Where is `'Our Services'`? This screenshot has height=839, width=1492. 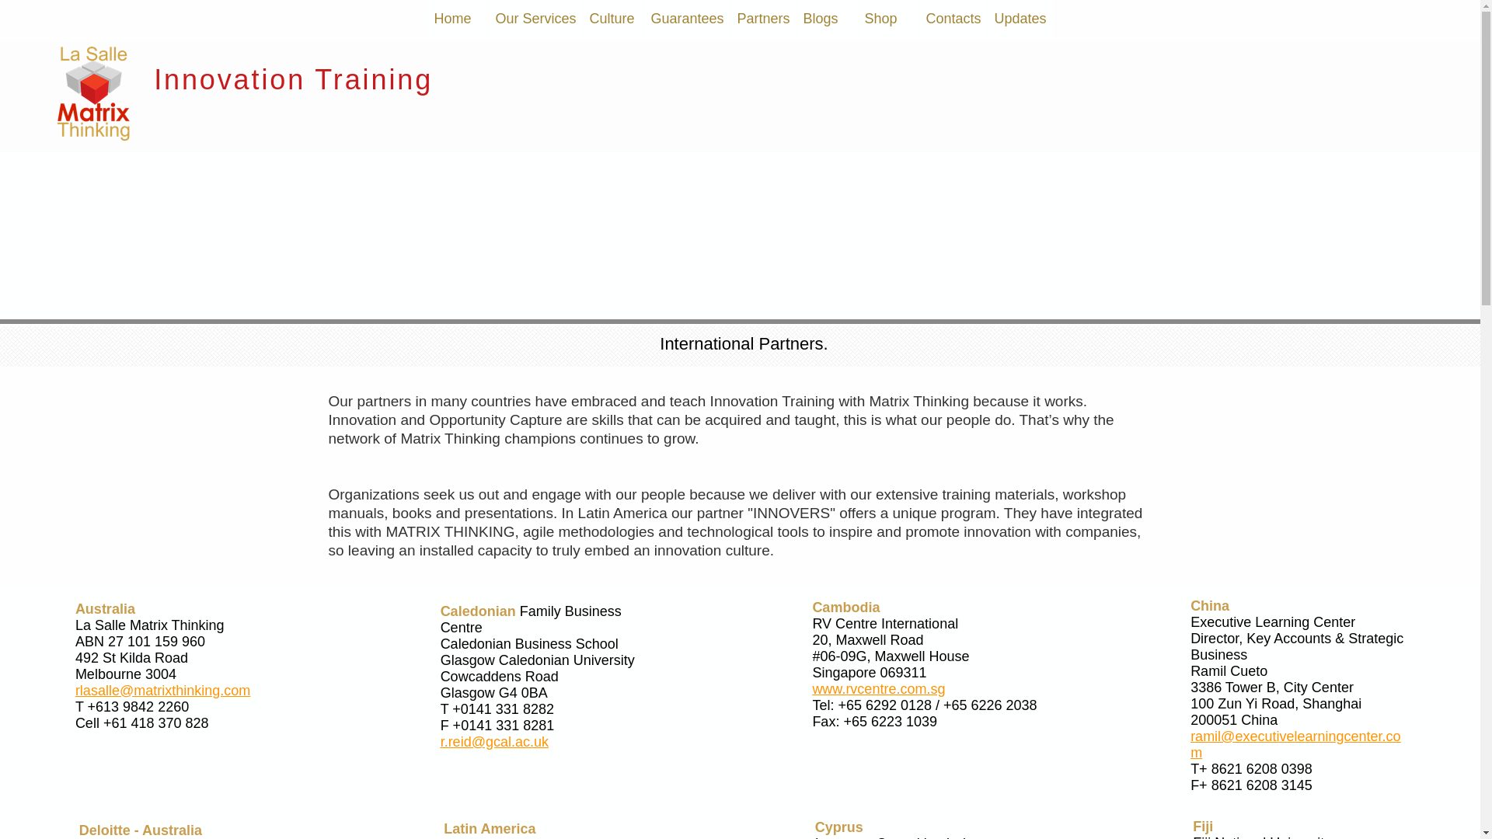
'Our Services' is located at coordinates (535, 19).